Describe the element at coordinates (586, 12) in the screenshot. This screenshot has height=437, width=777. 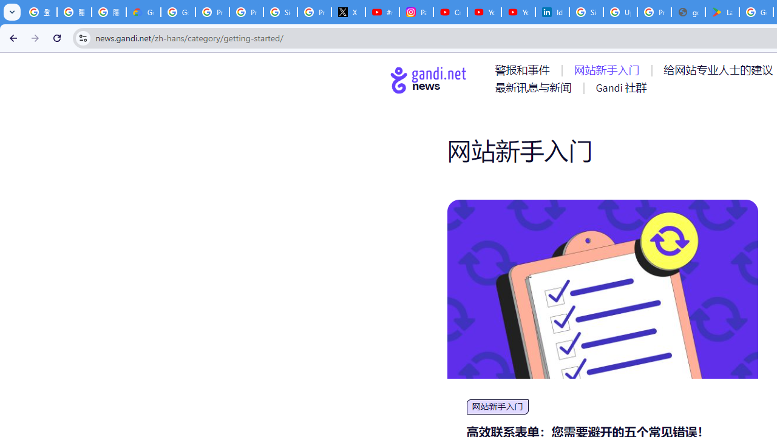
I see `'Sign in - Google Accounts'` at that location.